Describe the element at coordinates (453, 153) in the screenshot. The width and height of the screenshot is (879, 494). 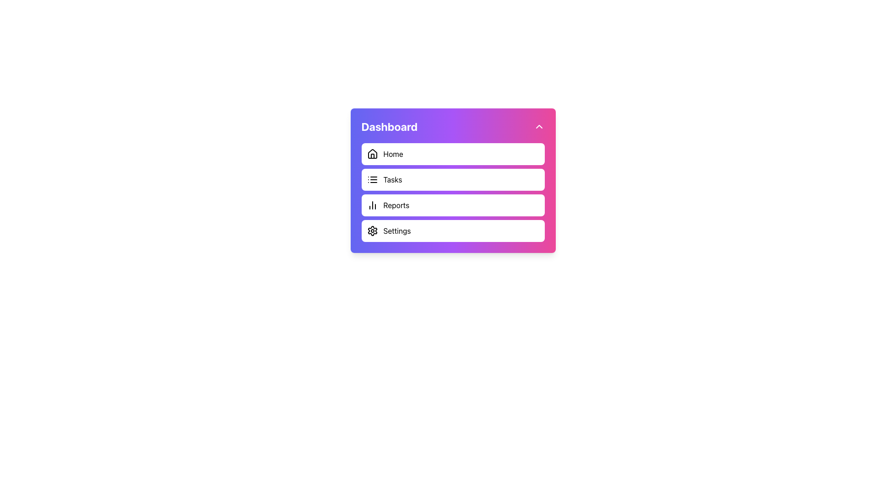
I see `the 'Home' button located at the top of the vertical stack of buttons in the sidebar to trigger hover effects` at that location.